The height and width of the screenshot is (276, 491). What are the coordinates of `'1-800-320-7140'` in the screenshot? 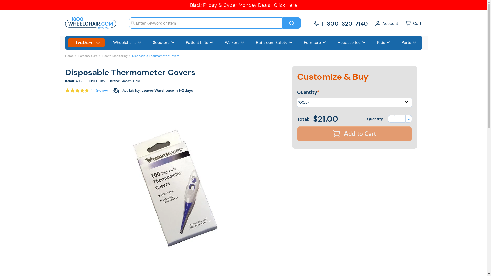 It's located at (344, 23).